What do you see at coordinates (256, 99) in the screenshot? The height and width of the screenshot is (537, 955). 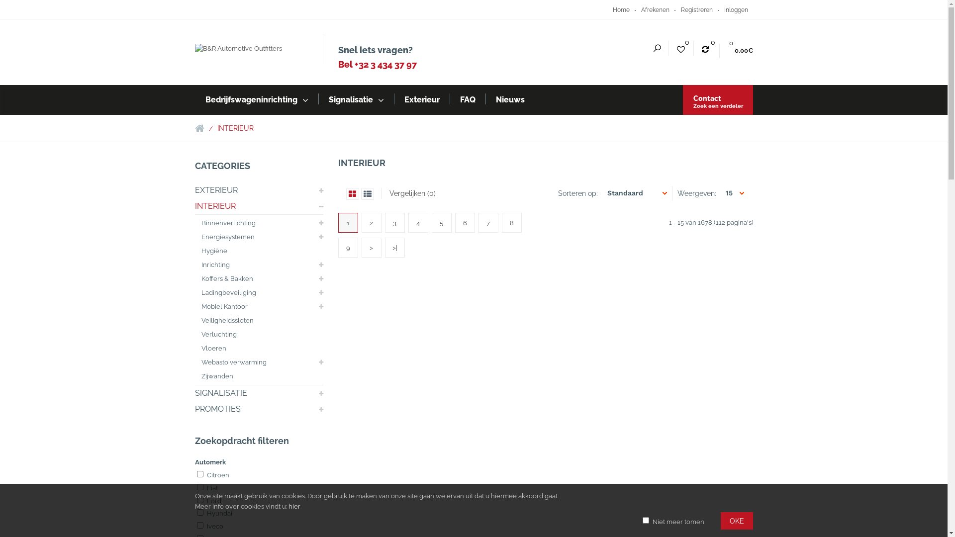 I see `'Bedrijfswageninrichting'` at bounding box center [256, 99].